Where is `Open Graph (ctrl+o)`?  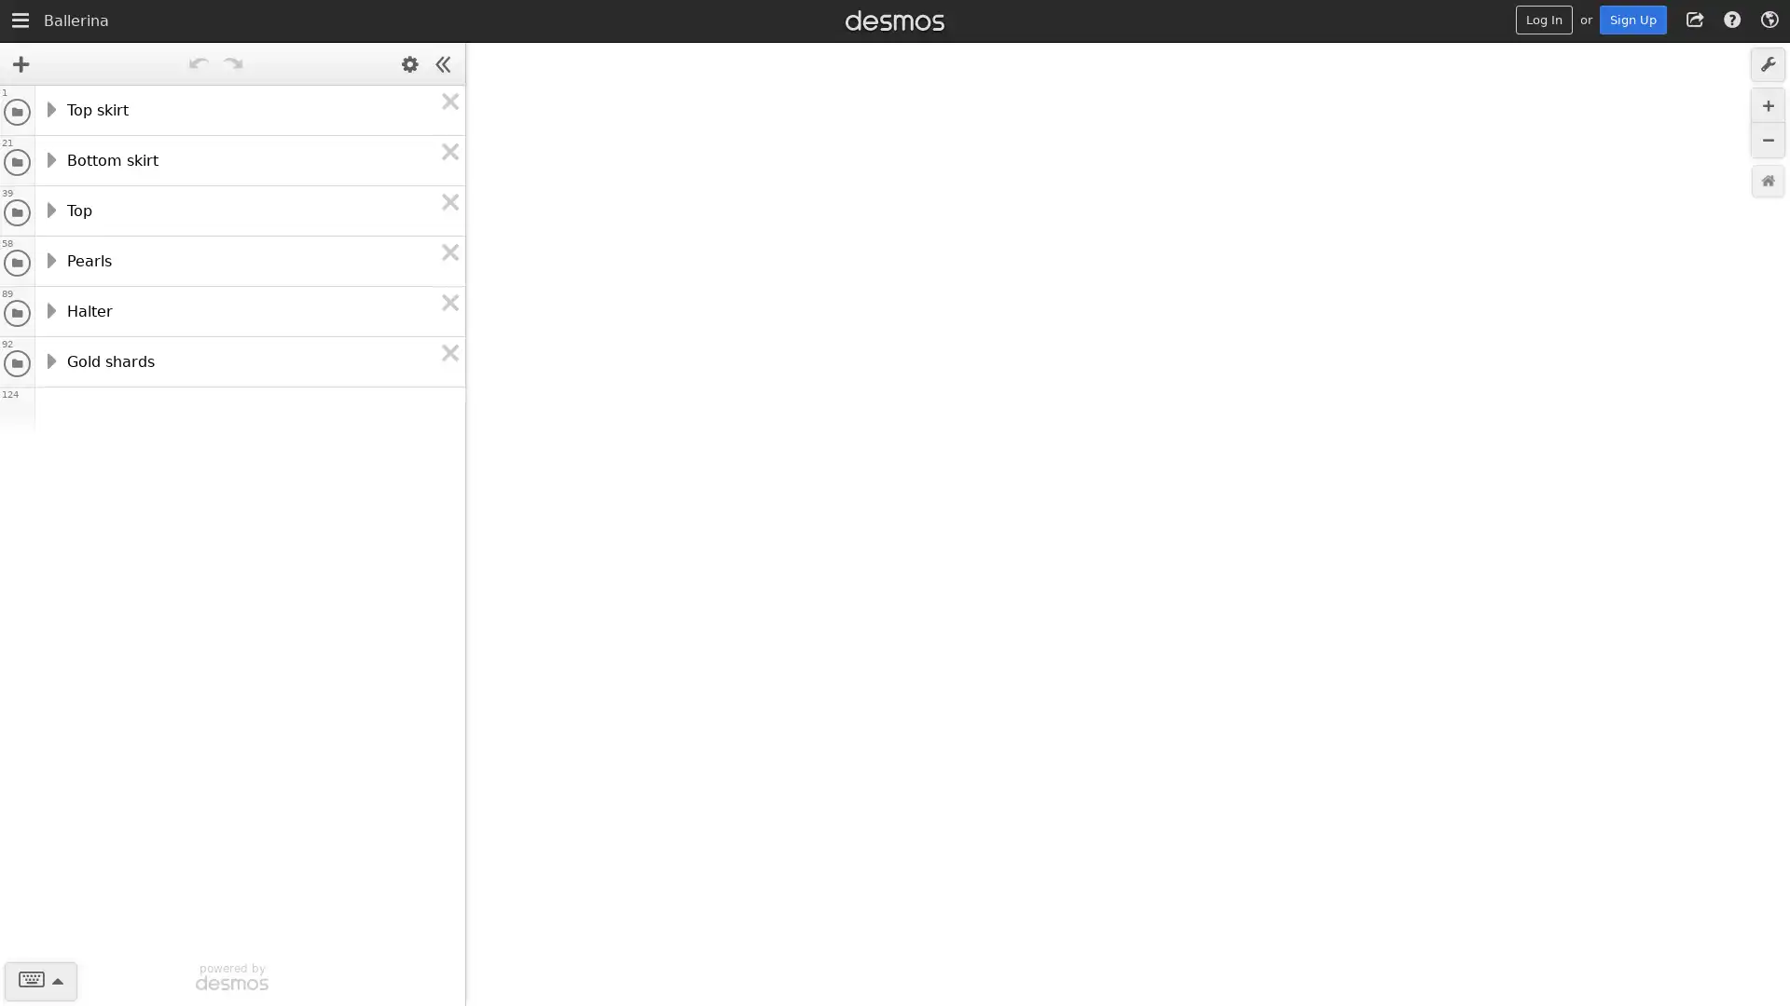
Open Graph (ctrl+o) is located at coordinates (21, 21).